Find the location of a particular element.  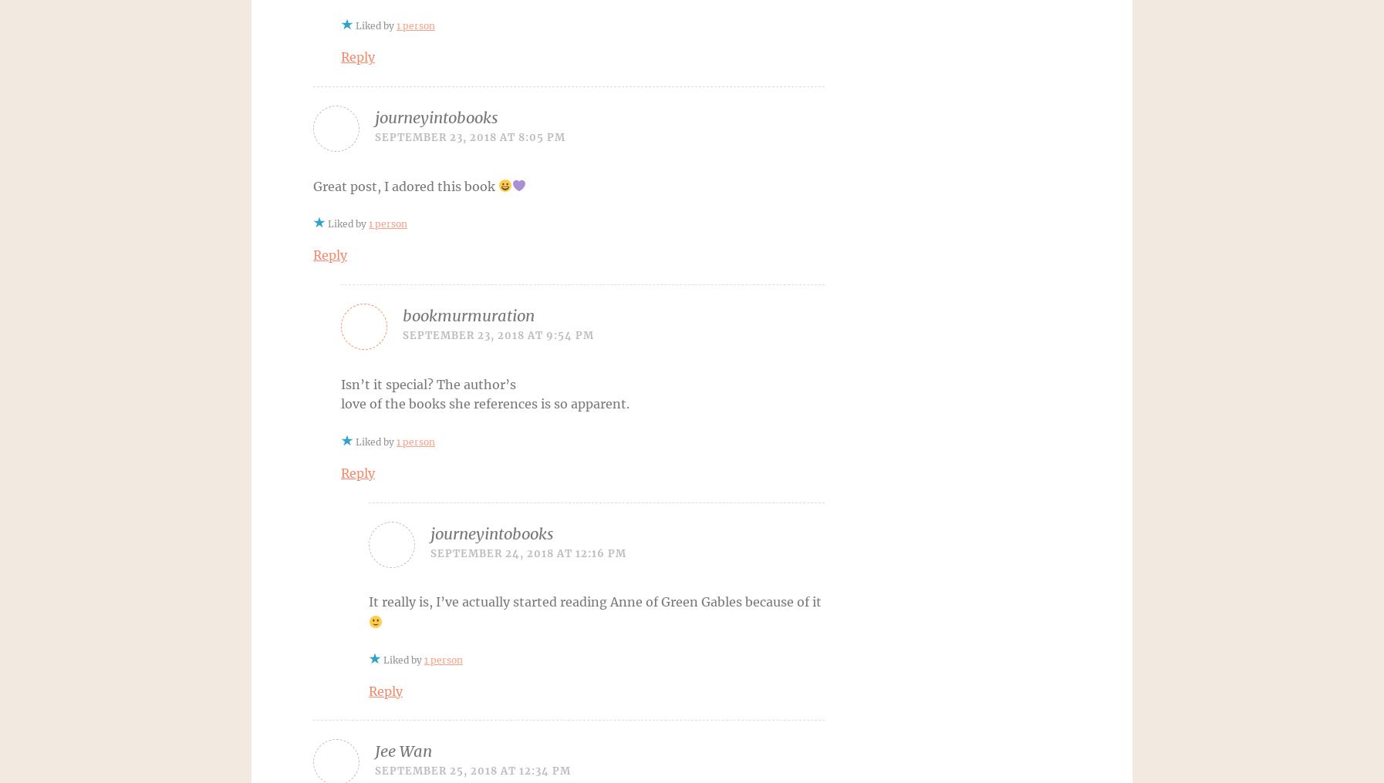

'Isn’t it special? The author’s' is located at coordinates (428, 384).